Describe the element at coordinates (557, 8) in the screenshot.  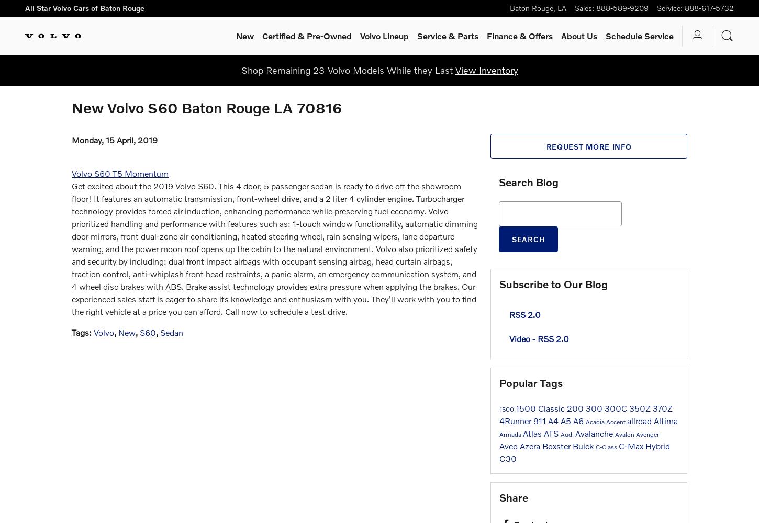
I see `'LA'` at that location.